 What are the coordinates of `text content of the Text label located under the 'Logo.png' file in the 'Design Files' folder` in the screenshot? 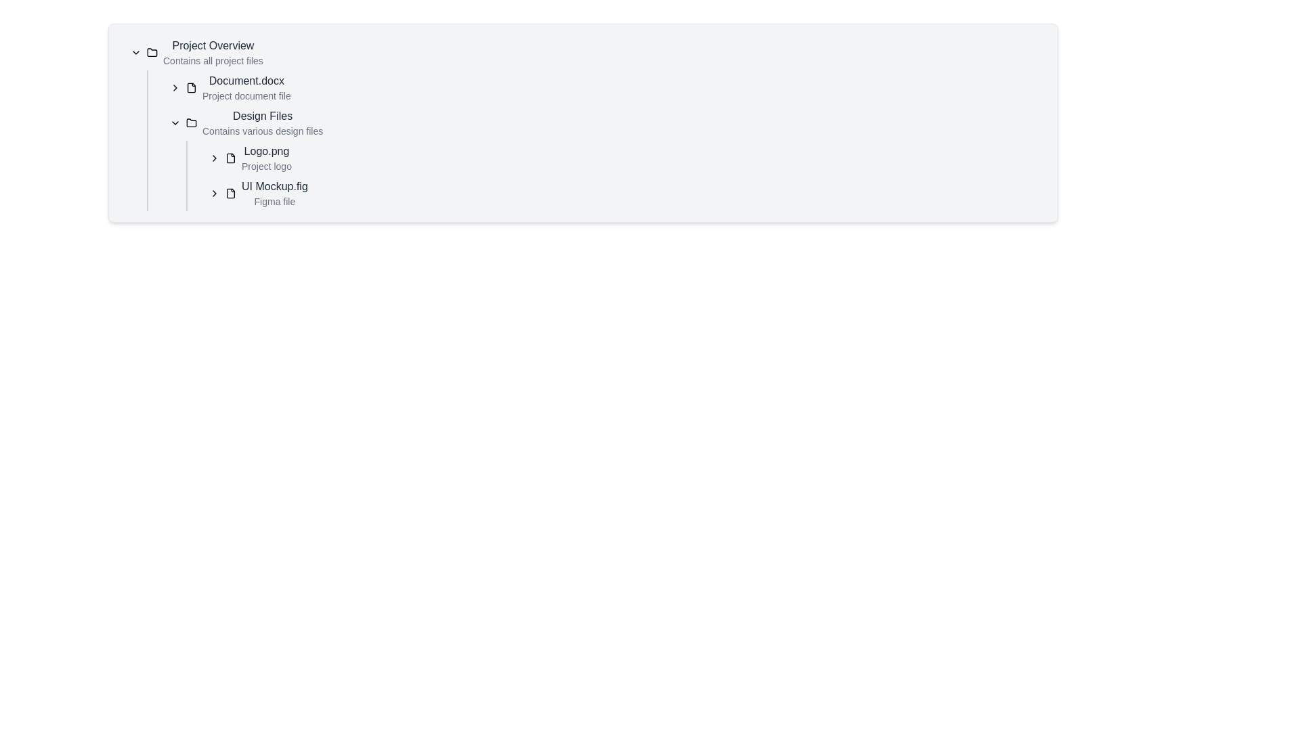 It's located at (266, 166).